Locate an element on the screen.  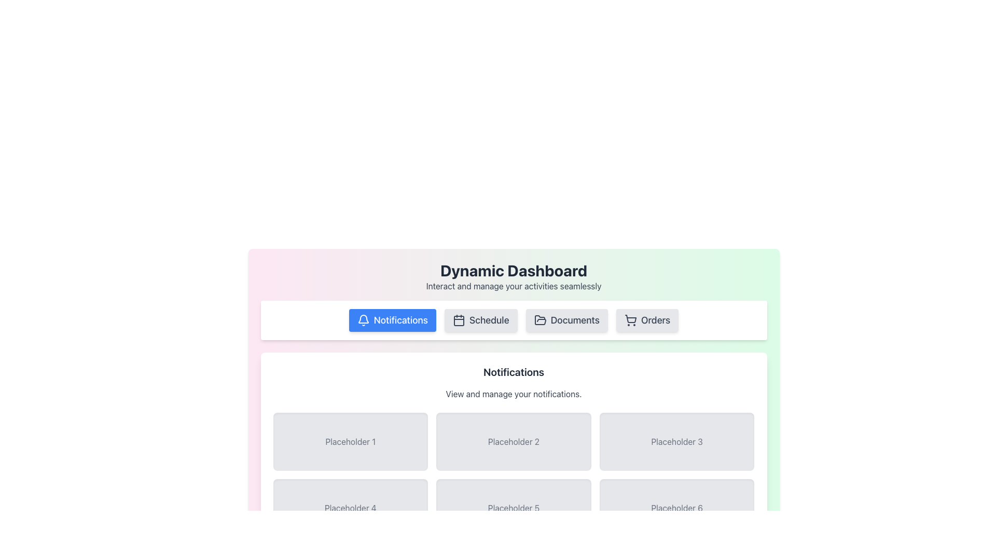
the grid layout composed of six boxes arranged in two rows and three columns, located below the subtitle 'View and manage your notifications' in the 'Notifications' section is located at coordinates (514, 474).